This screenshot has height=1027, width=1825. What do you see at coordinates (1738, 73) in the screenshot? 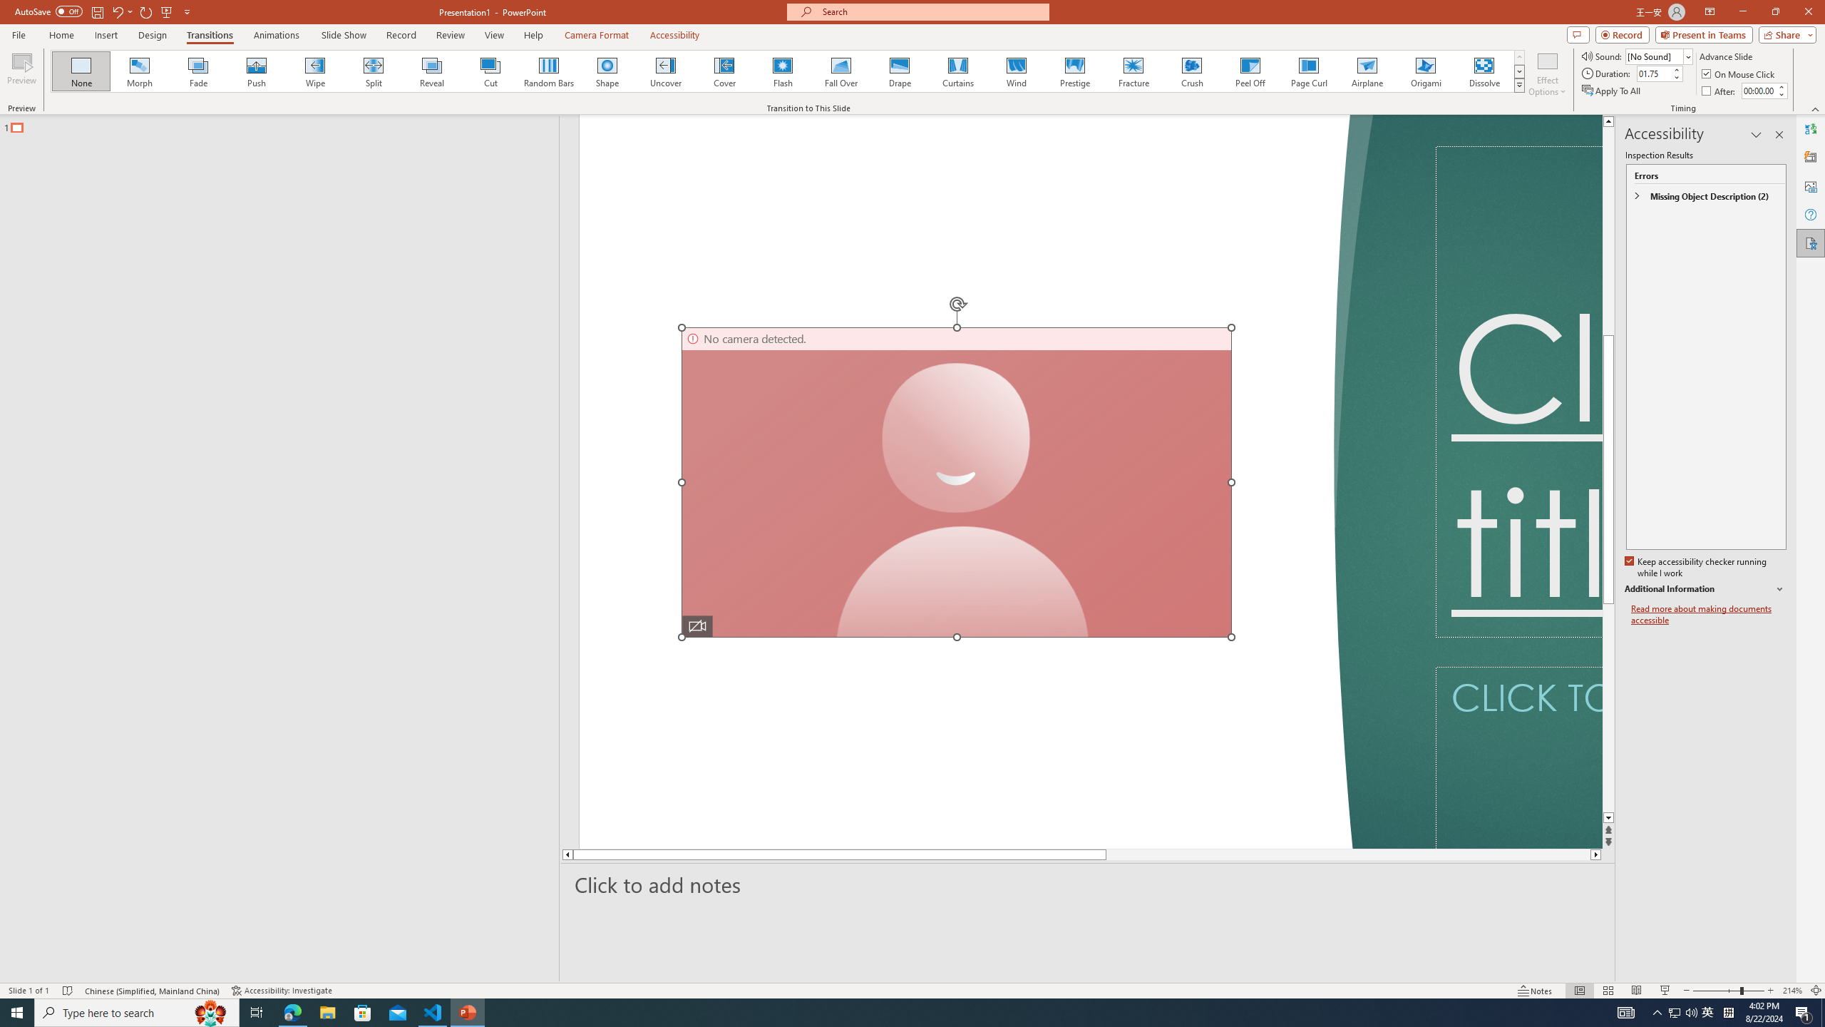
I see `'On Mouse Click'` at bounding box center [1738, 73].